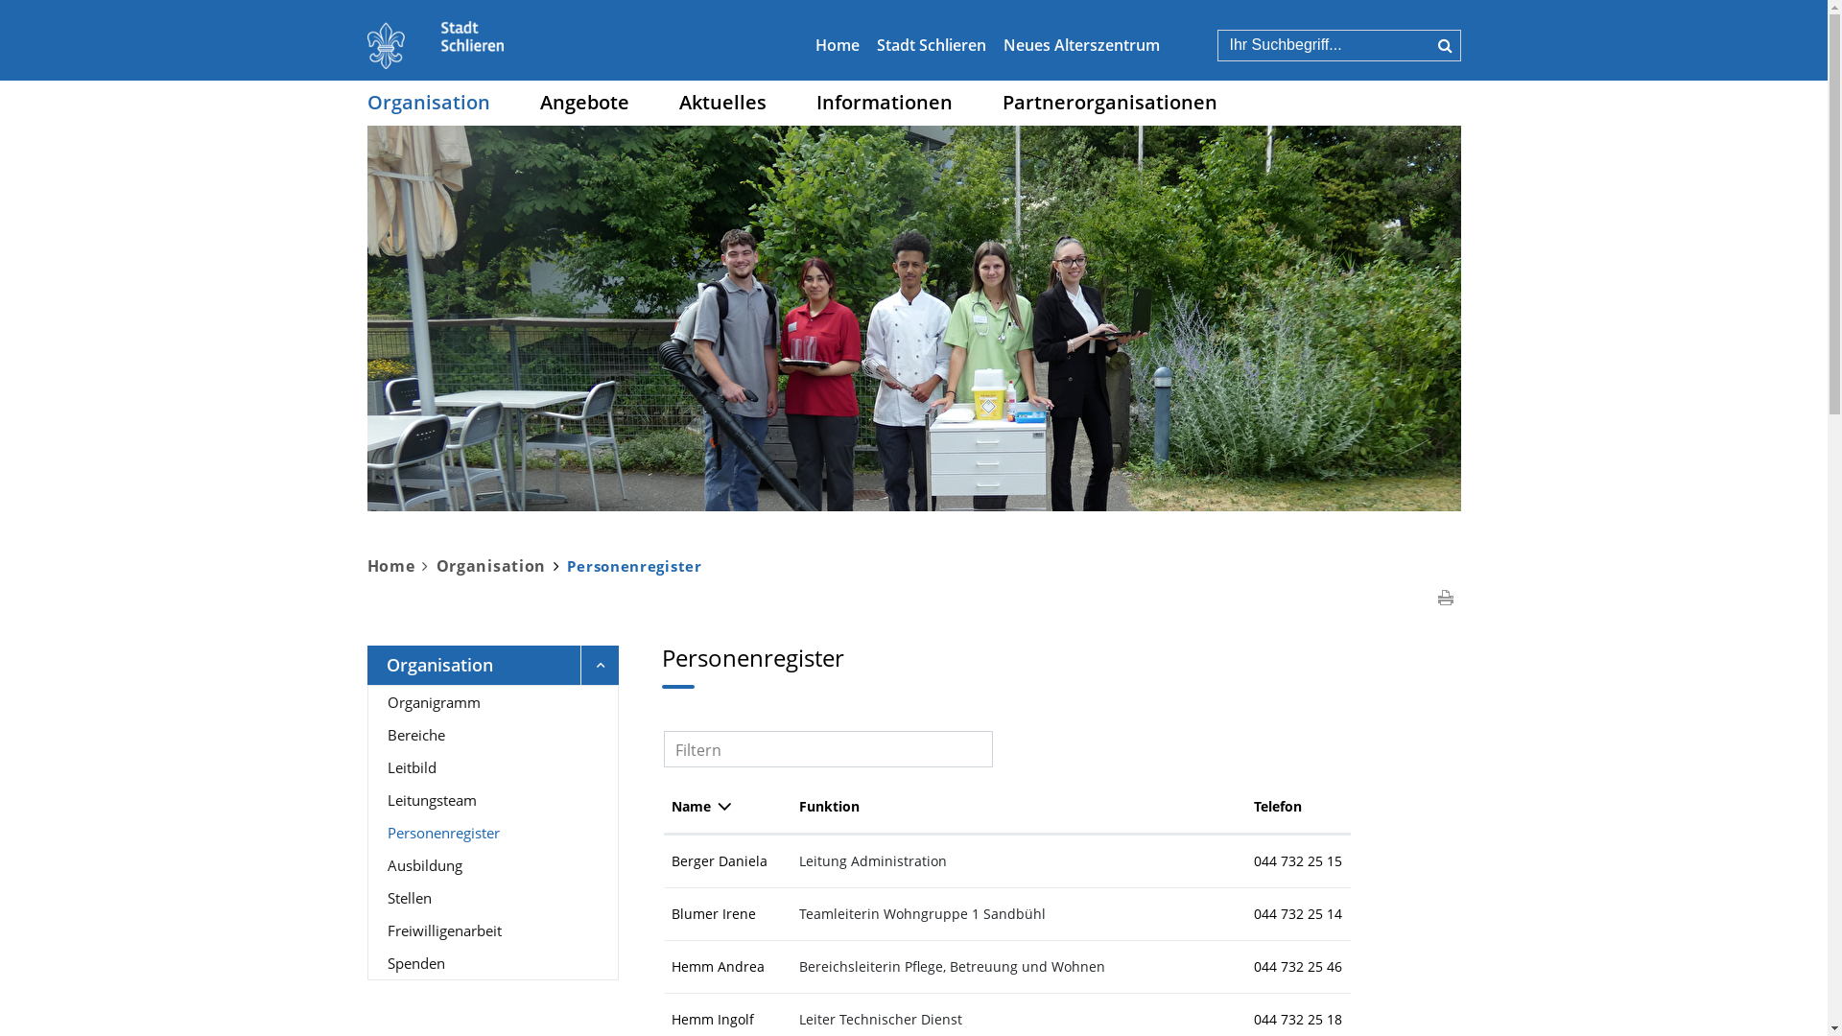 The width and height of the screenshot is (1842, 1036). Describe the element at coordinates (1298, 1018) in the screenshot. I see `'044 732 25 18'` at that location.